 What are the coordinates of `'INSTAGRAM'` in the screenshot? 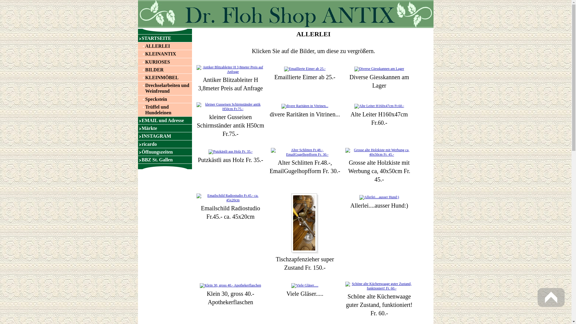 It's located at (165, 136).